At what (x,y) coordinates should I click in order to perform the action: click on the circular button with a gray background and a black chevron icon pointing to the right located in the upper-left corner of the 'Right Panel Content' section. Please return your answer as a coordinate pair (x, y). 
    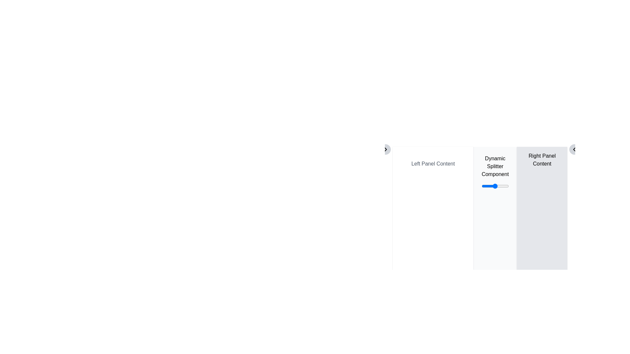
    Looking at the image, I should click on (386, 149).